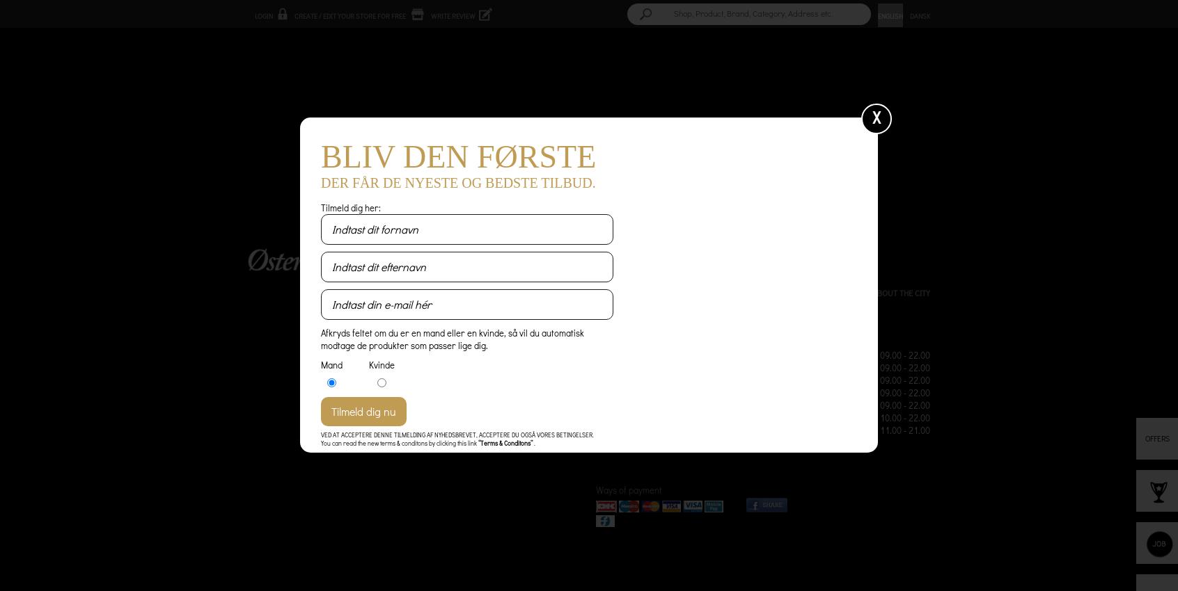  What do you see at coordinates (505, 442) in the screenshot?
I see `'“Terms & Conditons”'` at bounding box center [505, 442].